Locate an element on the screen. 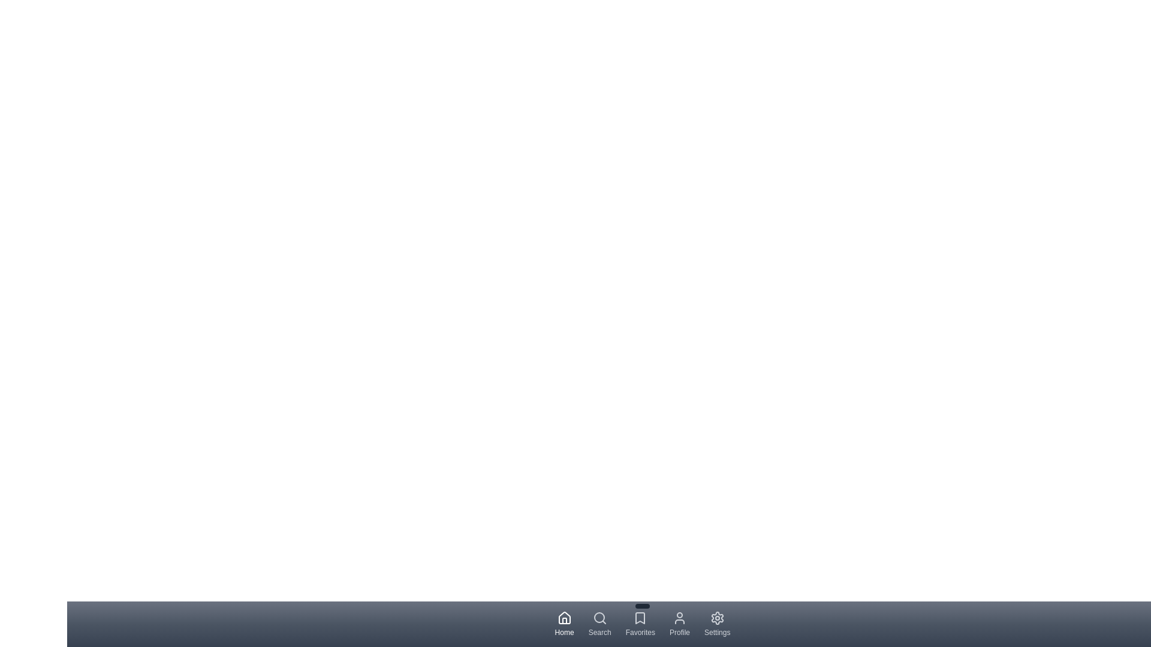 This screenshot has height=647, width=1151. the Settings tab to navigate to its respective section is located at coordinates (717, 623).